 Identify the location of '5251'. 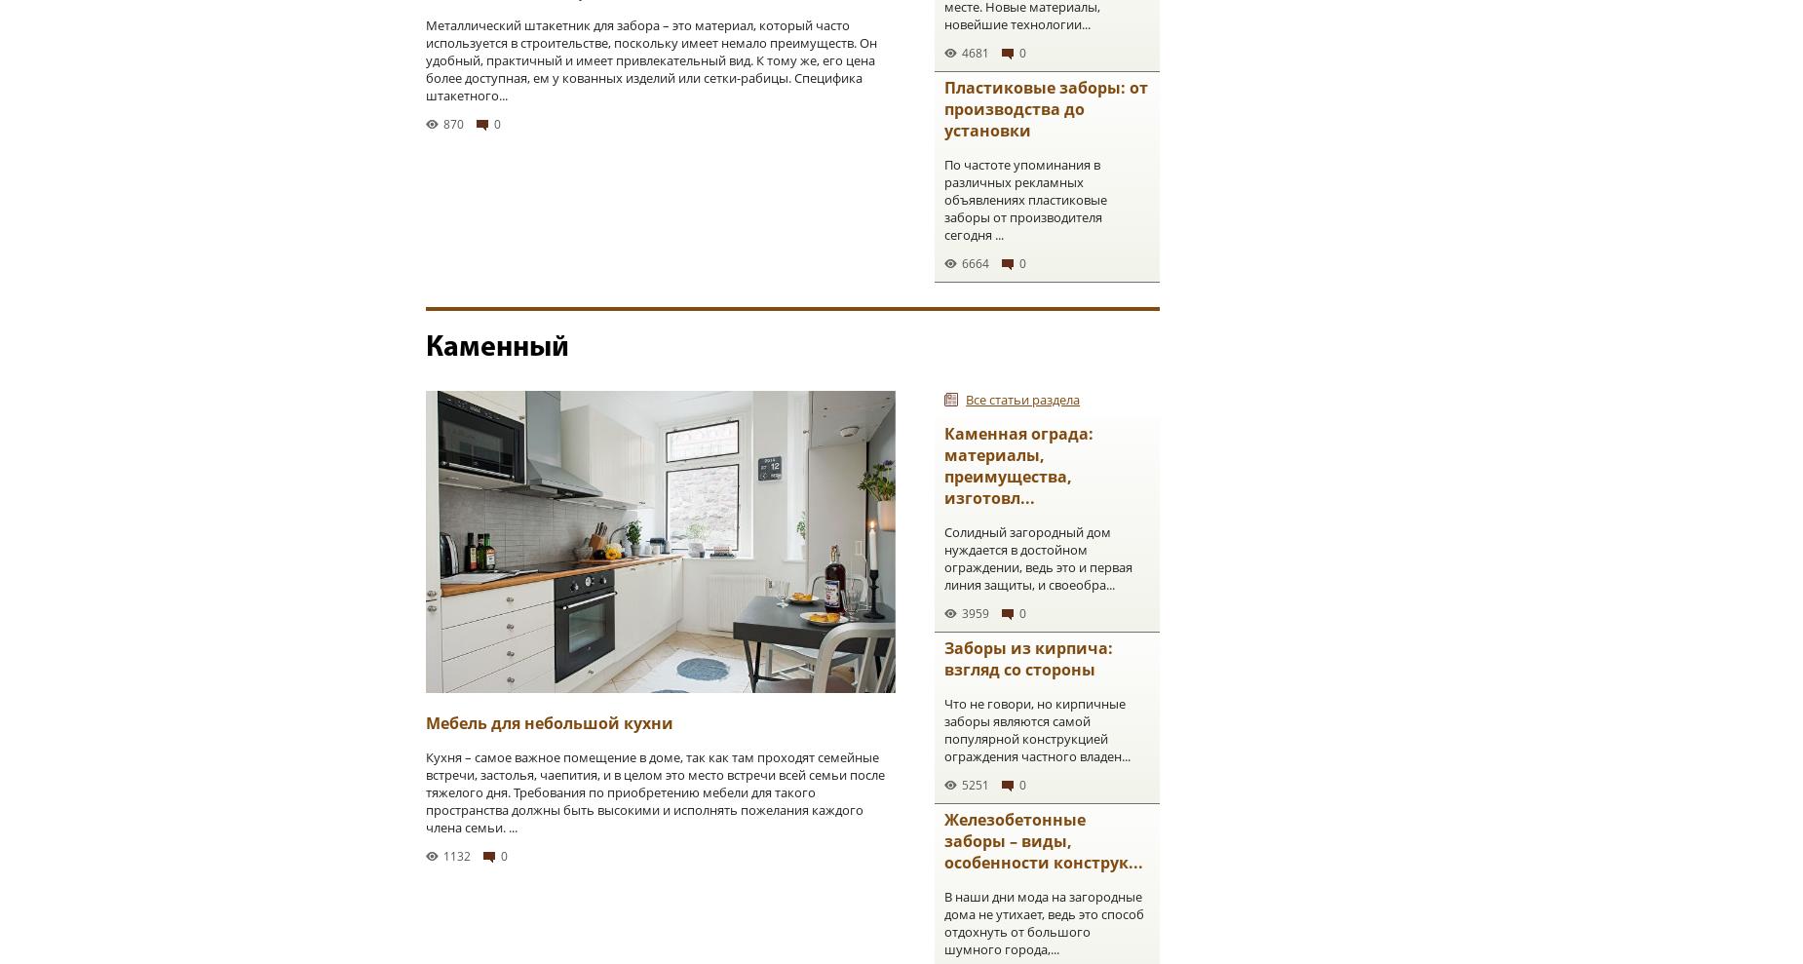
(975, 784).